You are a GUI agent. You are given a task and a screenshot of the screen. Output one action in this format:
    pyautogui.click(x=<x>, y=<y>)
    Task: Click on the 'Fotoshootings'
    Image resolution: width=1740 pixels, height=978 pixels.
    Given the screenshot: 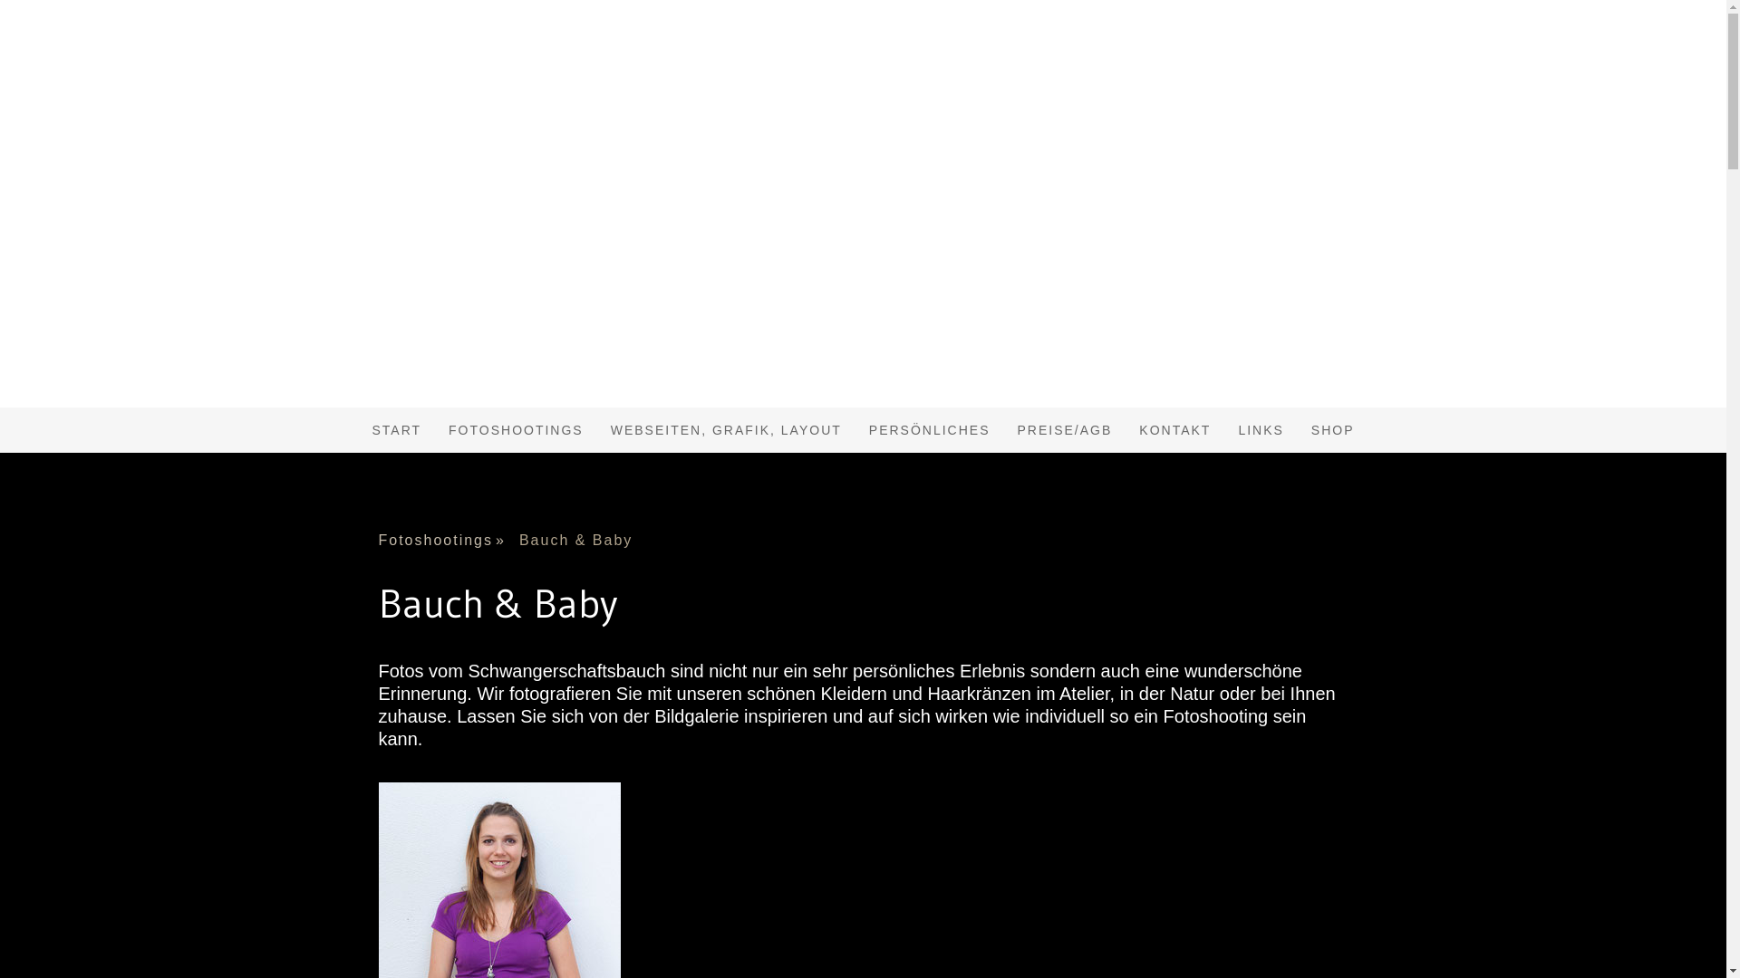 What is the action you would take?
    pyautogui.click(x=449, y=540)
    